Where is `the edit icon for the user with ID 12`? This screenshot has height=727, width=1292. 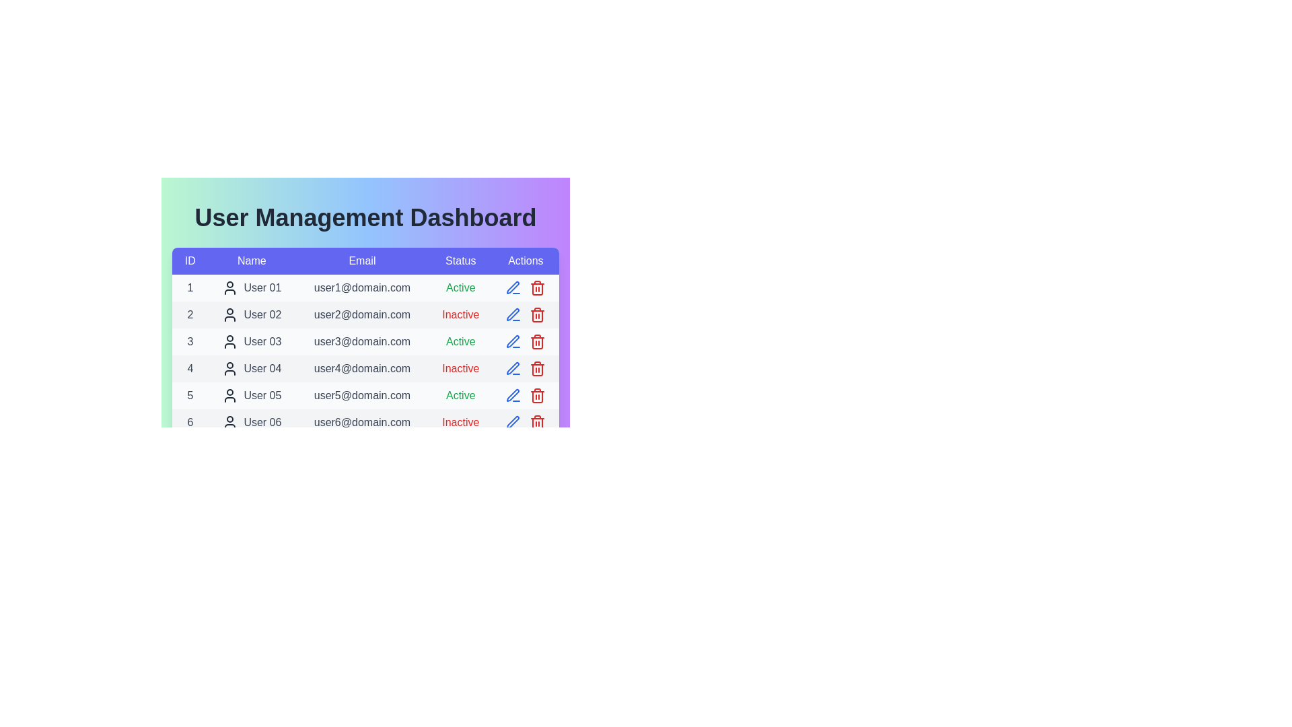
the edit icon for the user with ID 12 is located at coordinates (513, 583).